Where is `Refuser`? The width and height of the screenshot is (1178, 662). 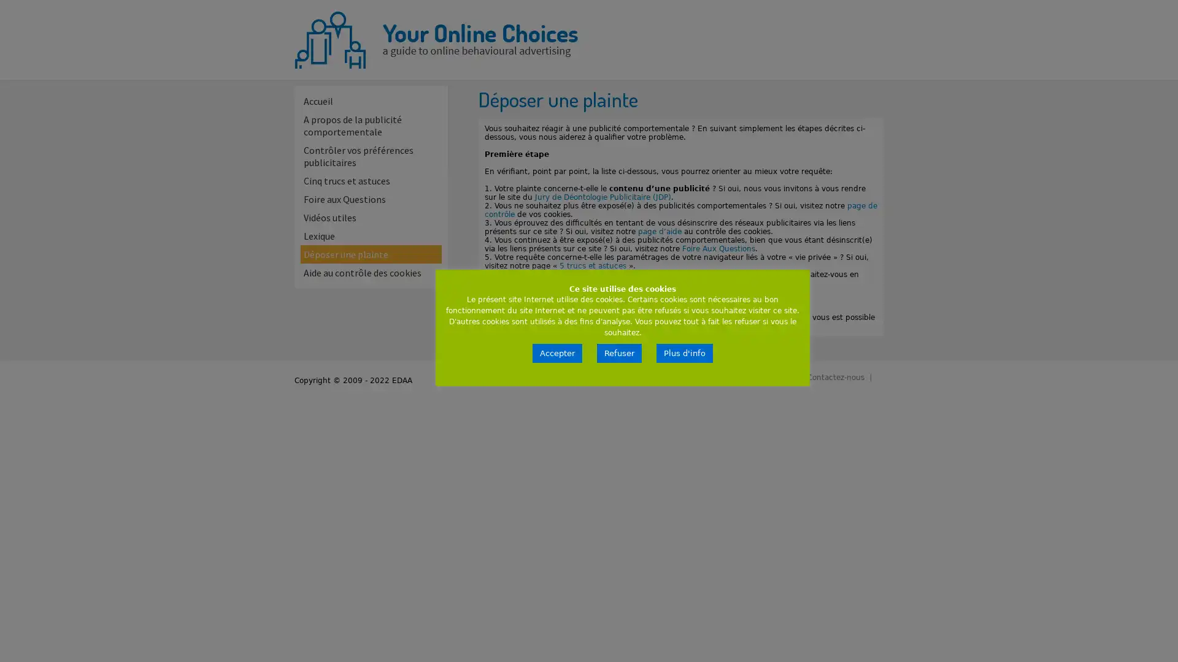 Refuser is located at coordinates (619, 353).